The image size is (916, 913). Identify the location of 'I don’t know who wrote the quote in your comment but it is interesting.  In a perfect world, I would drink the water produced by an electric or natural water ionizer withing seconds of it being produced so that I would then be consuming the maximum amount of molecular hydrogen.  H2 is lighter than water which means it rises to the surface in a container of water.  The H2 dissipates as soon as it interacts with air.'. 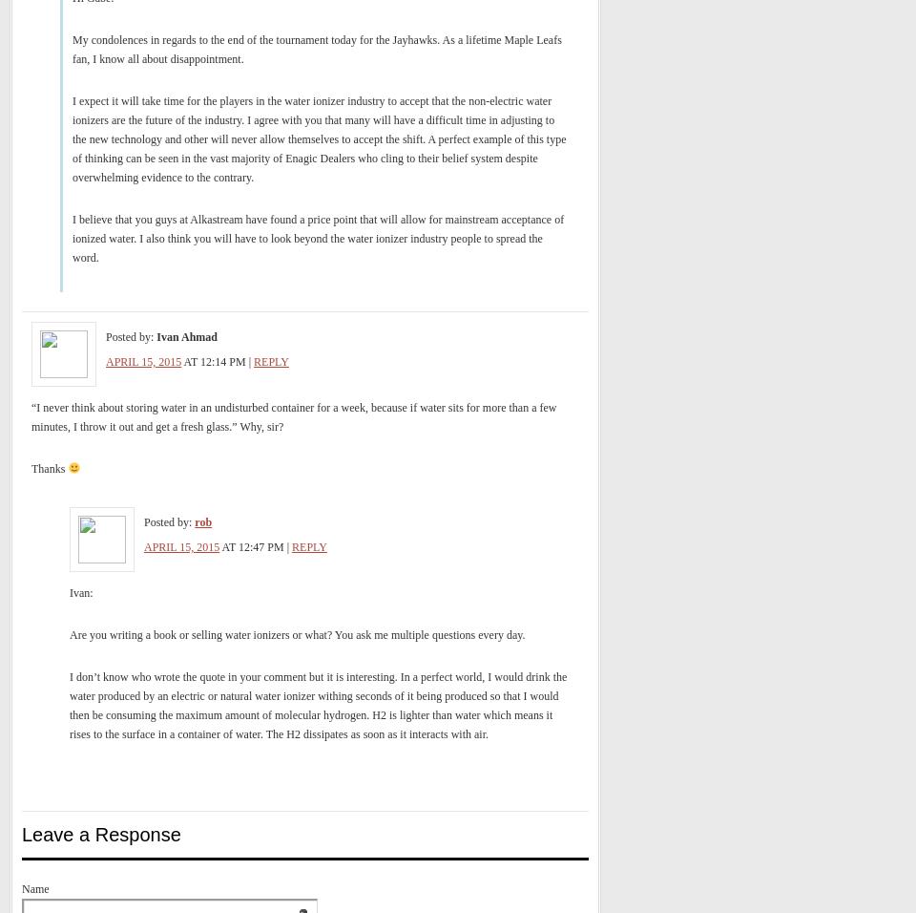
(318, 704).